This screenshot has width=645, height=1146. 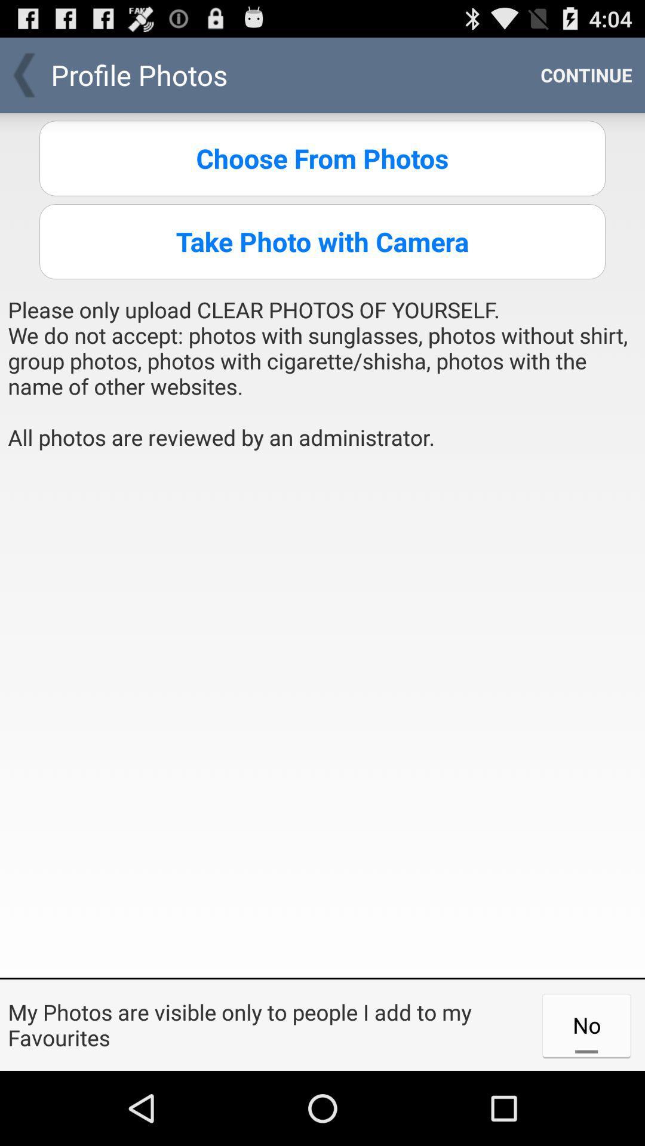 I want to click on the button above choose from photos item, so click(x=586, y=74).